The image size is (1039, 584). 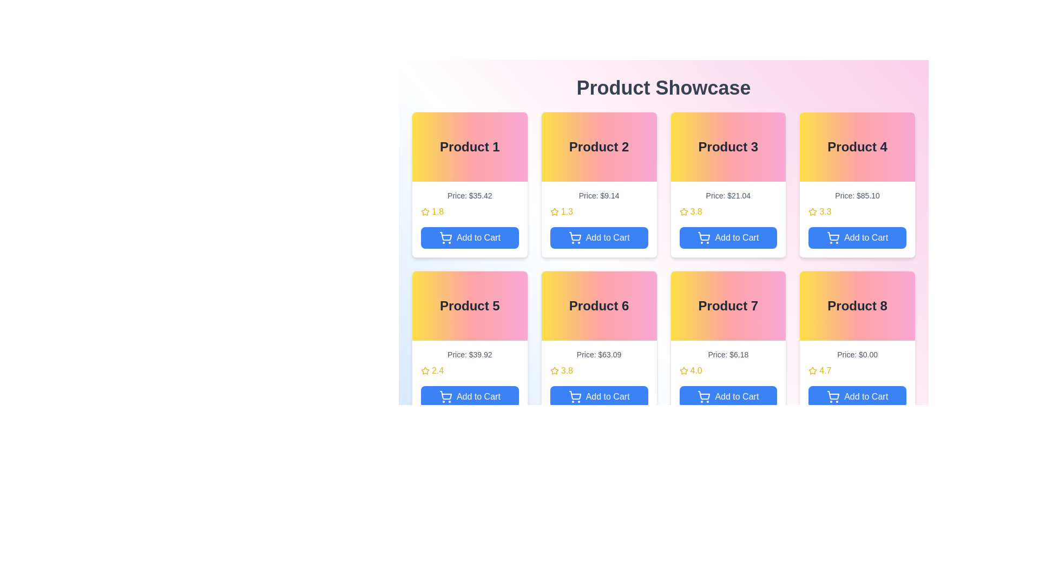 I want to click on the star icon representing the product rating of 'Product 6' in the 'Product Showcase' grid layout, located to the left of the rating number '3.8', so click(x=554, y=370).